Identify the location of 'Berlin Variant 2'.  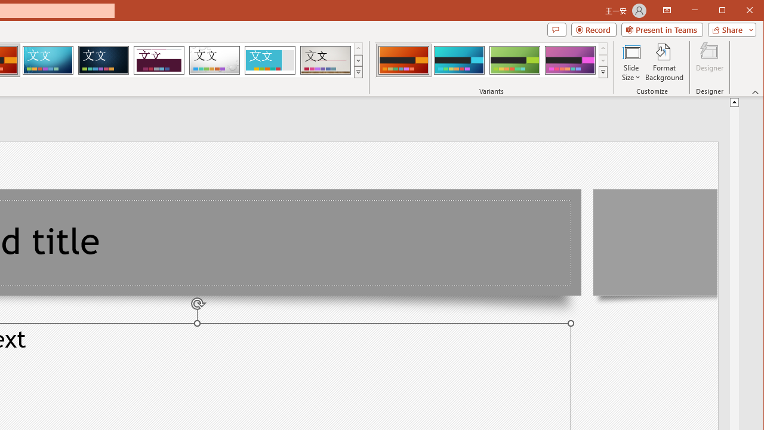
(458, 60).